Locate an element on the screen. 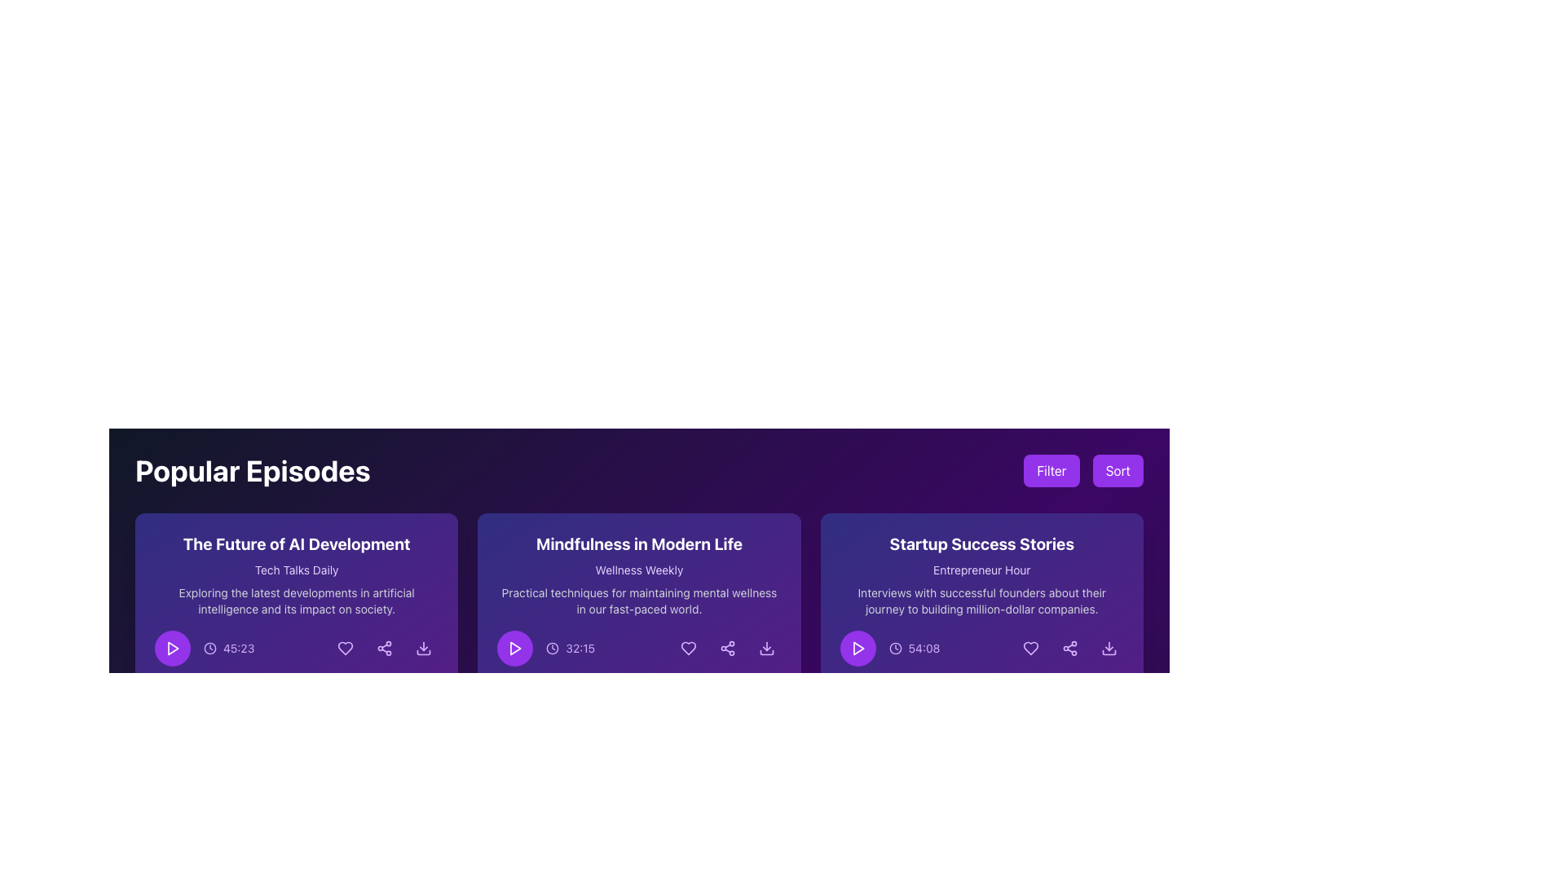  the purple share icon resembling a triangular pattern of three connected circles located at the bottom right of the 'Mindfulness in Modern Life' content card in the 'Popular Episodes' section to share content is located at coordinates (726, 647).